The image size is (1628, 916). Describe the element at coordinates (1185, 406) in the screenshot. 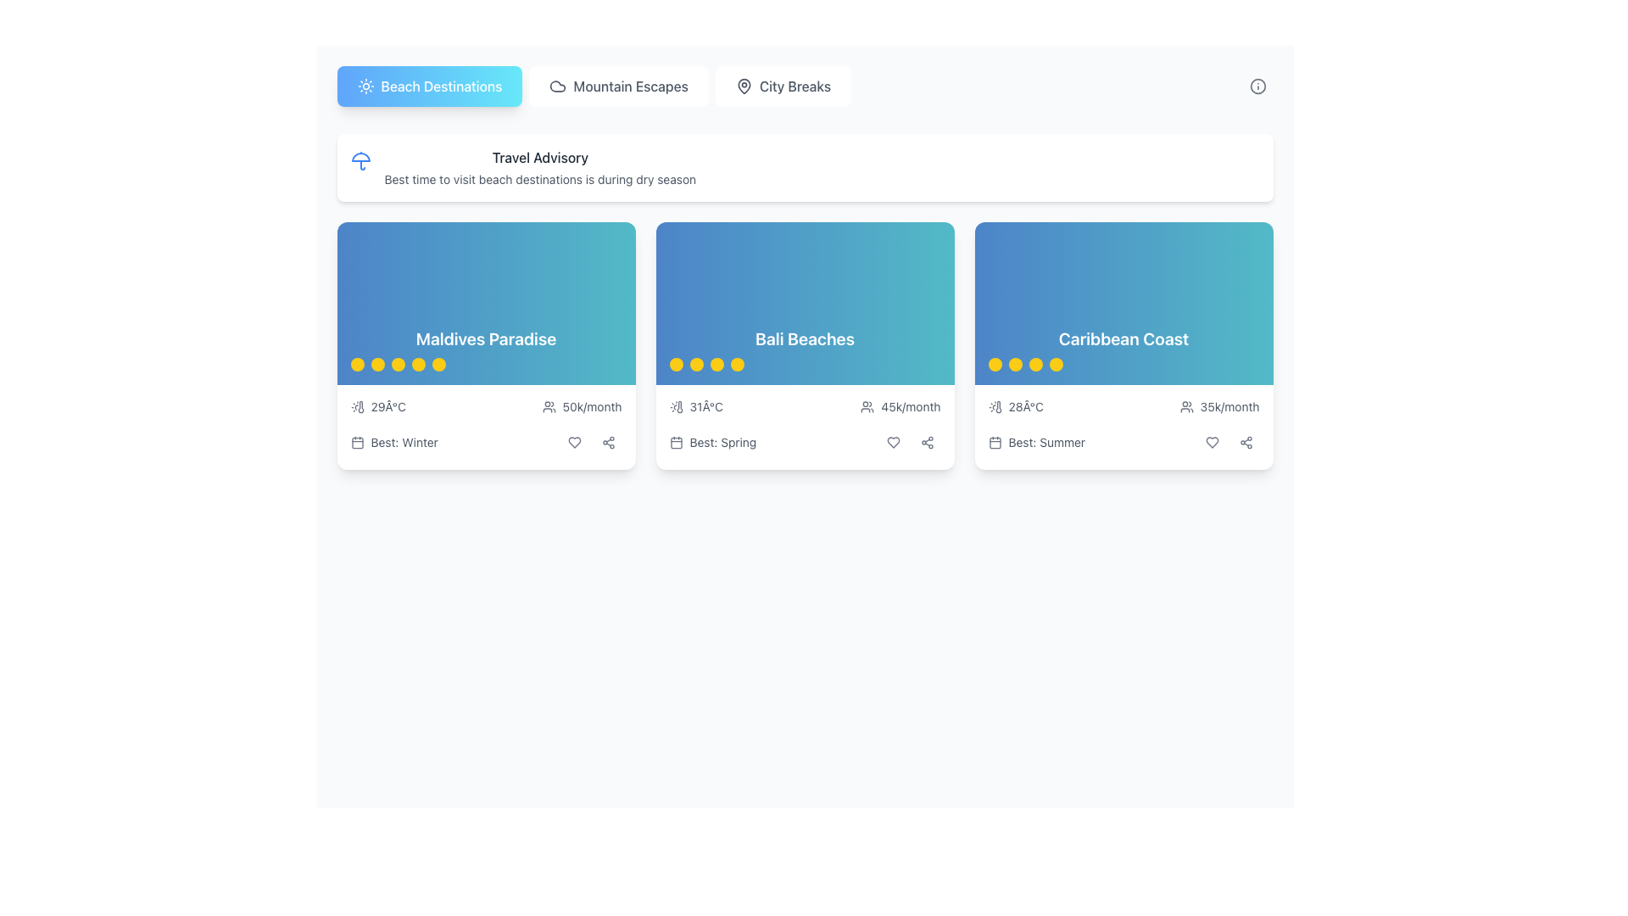

I see `the icon or SVG graphic associated with user-related information for the entry 'Caribbean Coast', located immediately to the left of the text '35k/month'` at that location.